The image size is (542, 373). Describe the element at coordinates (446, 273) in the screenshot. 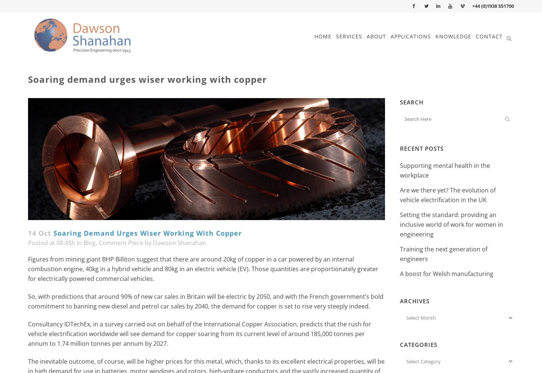

I see `'A boost for Welsh manufacturing'` at that location.